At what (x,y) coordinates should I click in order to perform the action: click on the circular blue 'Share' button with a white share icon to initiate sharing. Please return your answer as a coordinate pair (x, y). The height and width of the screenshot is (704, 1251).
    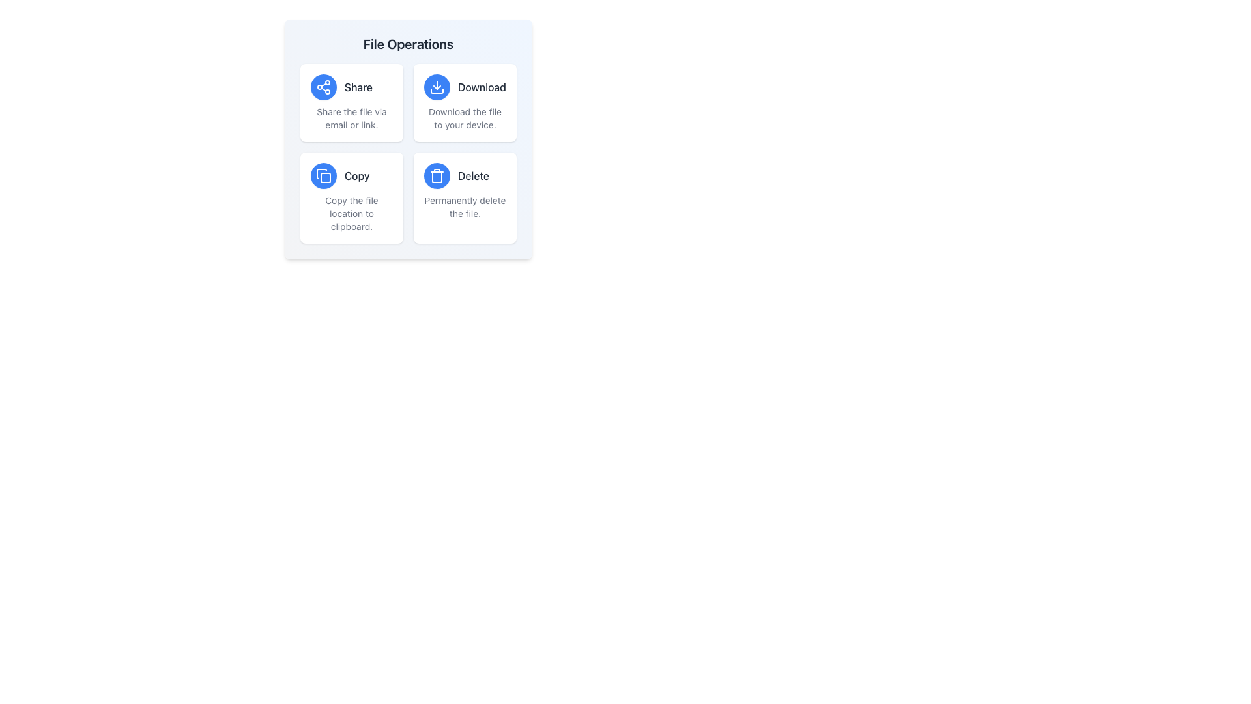
    Looking at the image, I should click on (324, 87).